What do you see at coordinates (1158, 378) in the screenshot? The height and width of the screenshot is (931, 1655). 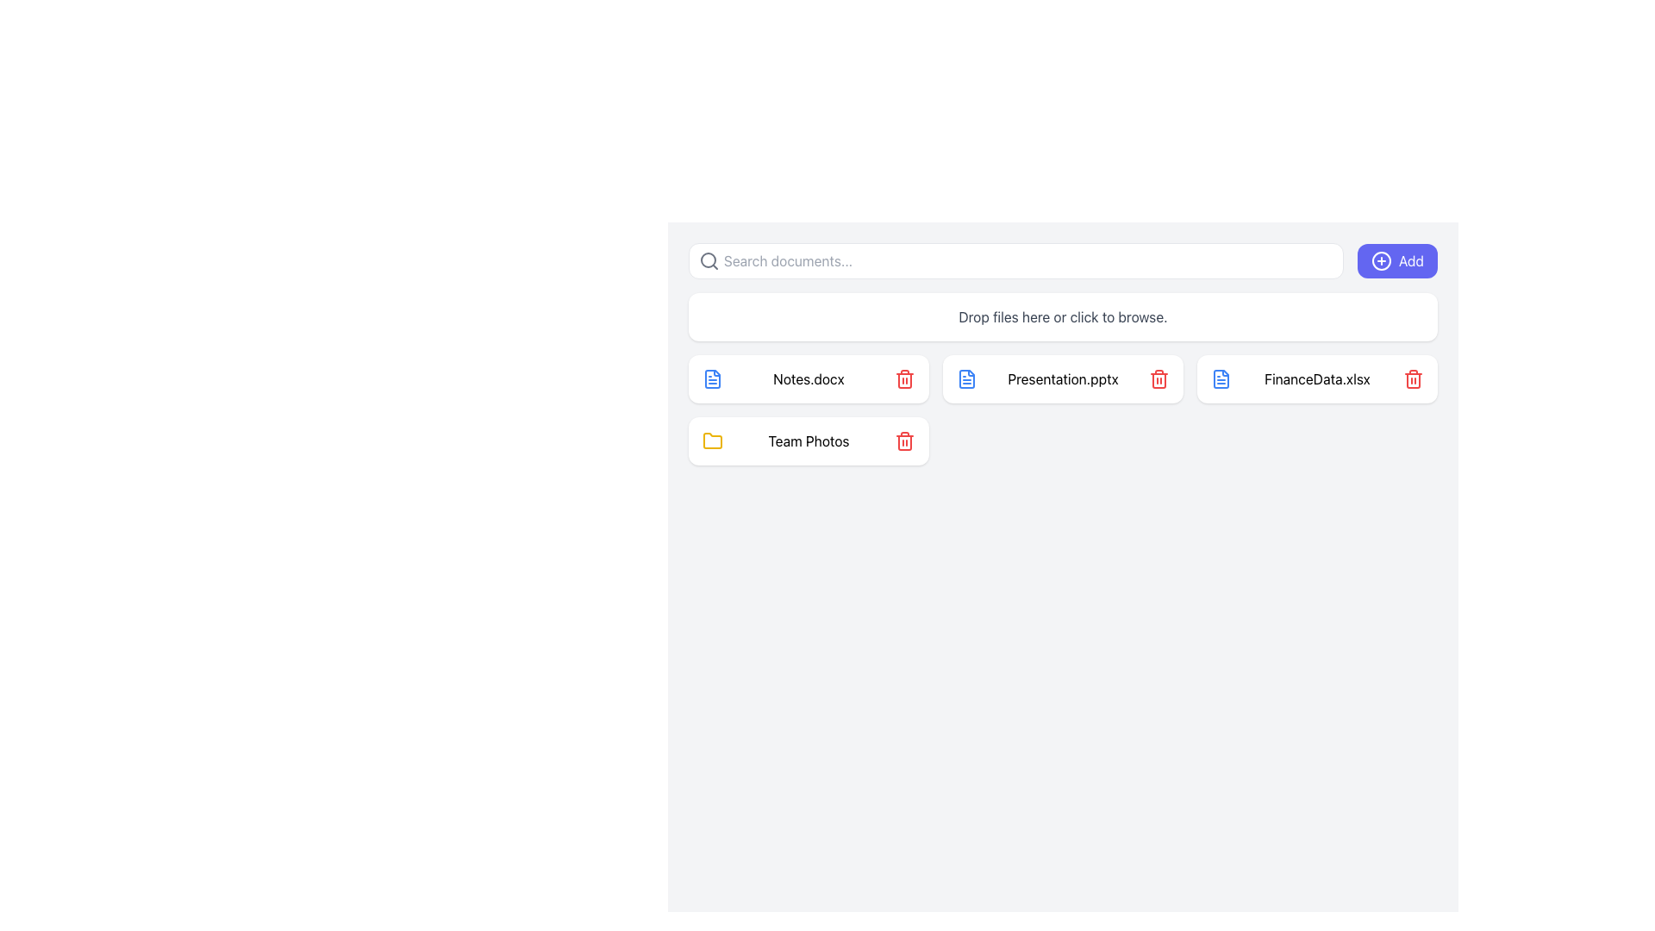 I see `the red trash bin icon, which is styled to indicate its function as a delete button and is located to the right within the 'Presentation.pptx' area` at bounding box center [1158, 378].